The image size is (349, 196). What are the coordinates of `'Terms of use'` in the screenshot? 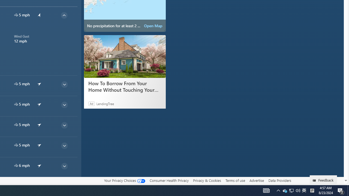 It's located at (235, 180).